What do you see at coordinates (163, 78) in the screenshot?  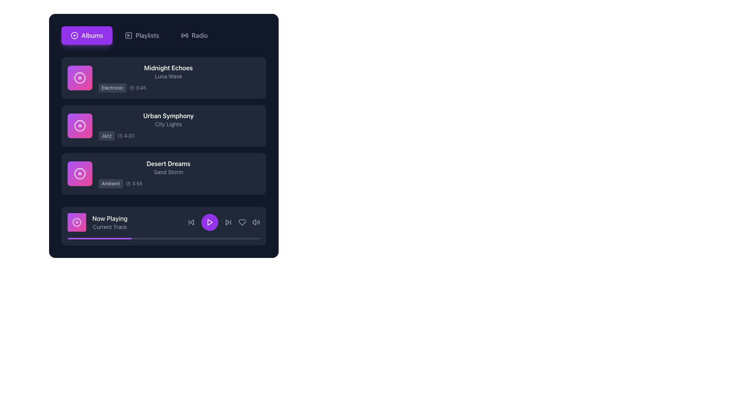 I see `the list item containing the text 'Midnight Echoes'` at bounding box center [163, 78].